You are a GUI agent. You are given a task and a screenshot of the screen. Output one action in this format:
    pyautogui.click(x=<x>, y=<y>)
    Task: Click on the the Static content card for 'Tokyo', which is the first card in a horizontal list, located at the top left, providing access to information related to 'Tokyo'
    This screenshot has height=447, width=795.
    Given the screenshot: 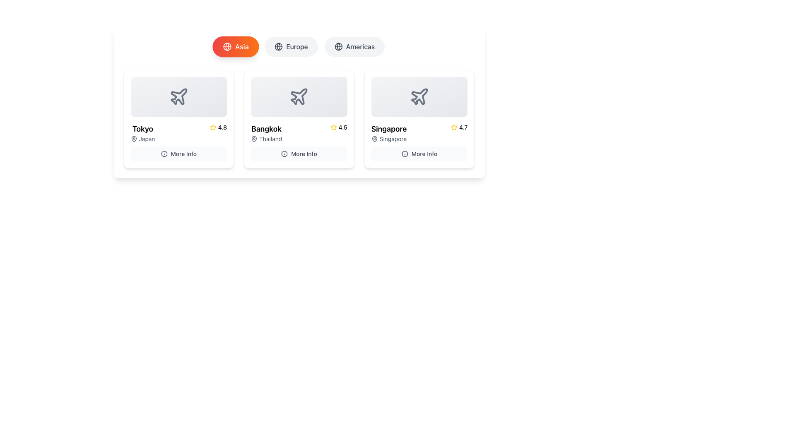 What is the action you would take?
    pyautogui.click(x=178, y=96)
    